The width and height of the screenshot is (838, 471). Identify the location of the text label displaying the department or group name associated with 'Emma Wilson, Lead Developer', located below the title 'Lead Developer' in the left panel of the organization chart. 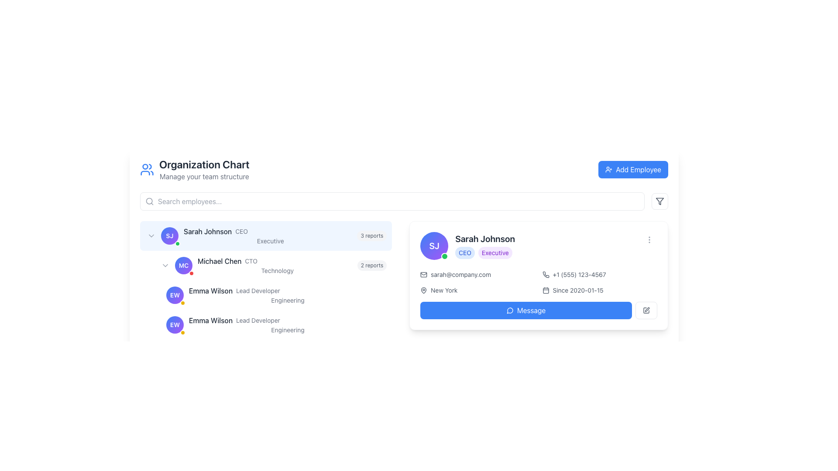
(288, 300).